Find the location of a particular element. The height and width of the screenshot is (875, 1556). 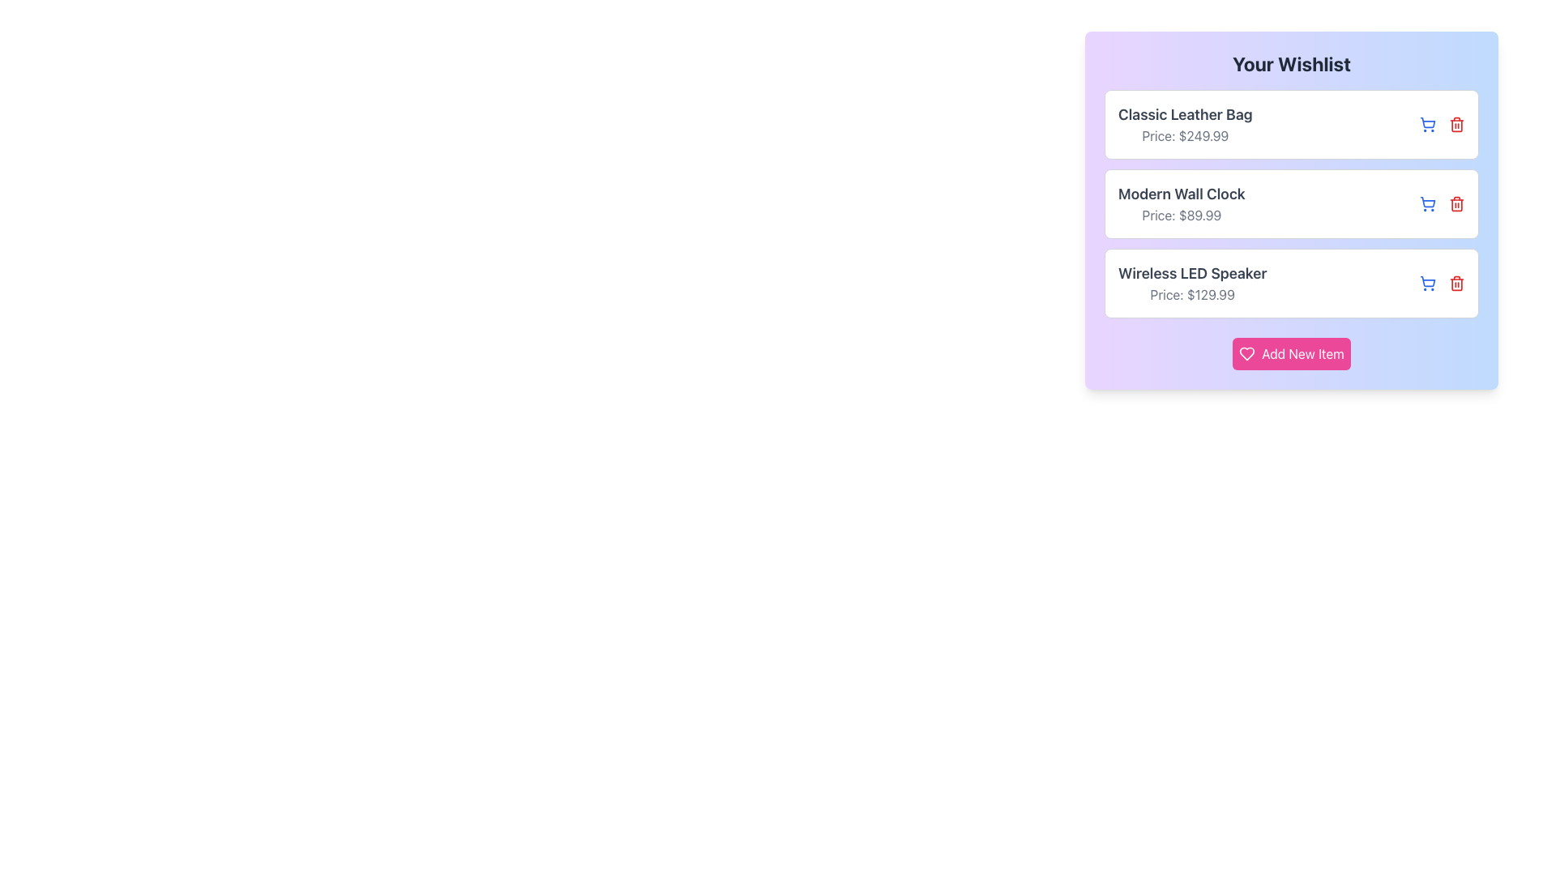

the heart-shaped icon located inside the 'Add New Item' button at the bottom section of the 'Your Wishlist' card is located at coordinates (1246, 352).